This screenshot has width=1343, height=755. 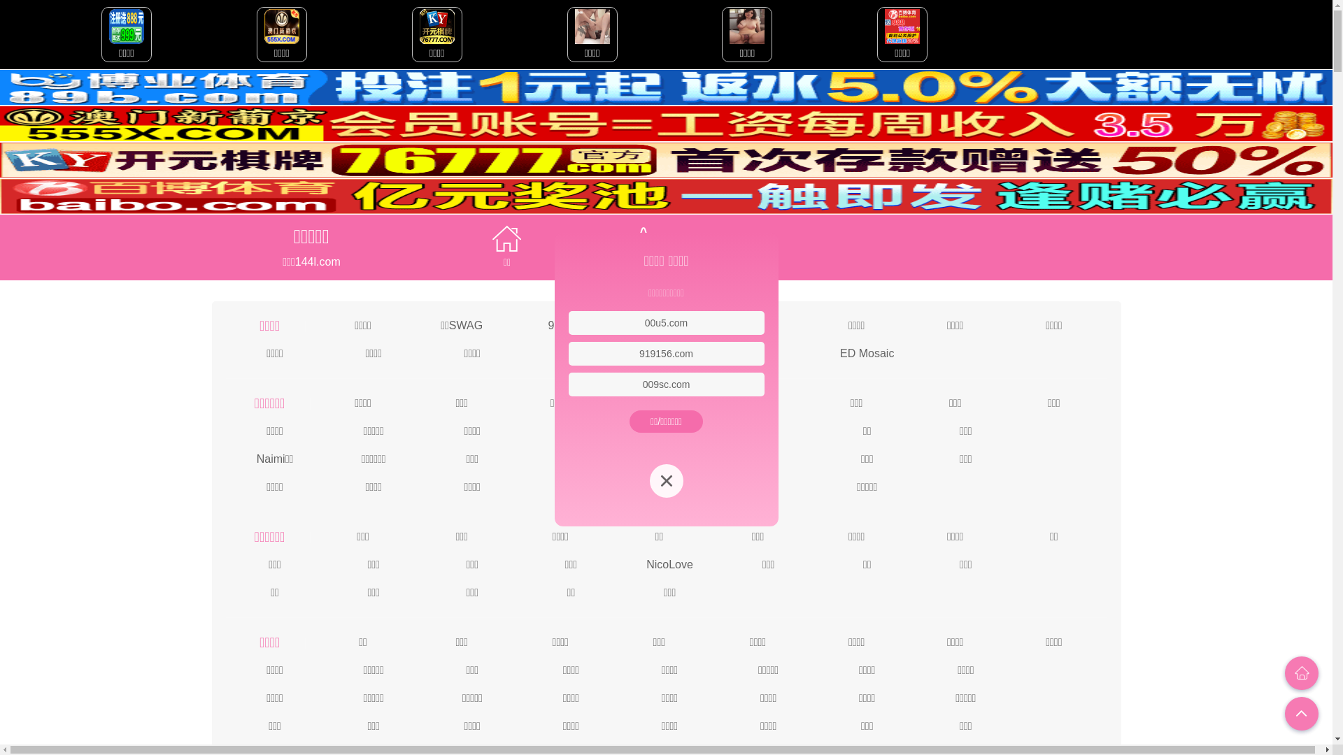 I want to click on 'NicoLove', so click(x=646, y=563).